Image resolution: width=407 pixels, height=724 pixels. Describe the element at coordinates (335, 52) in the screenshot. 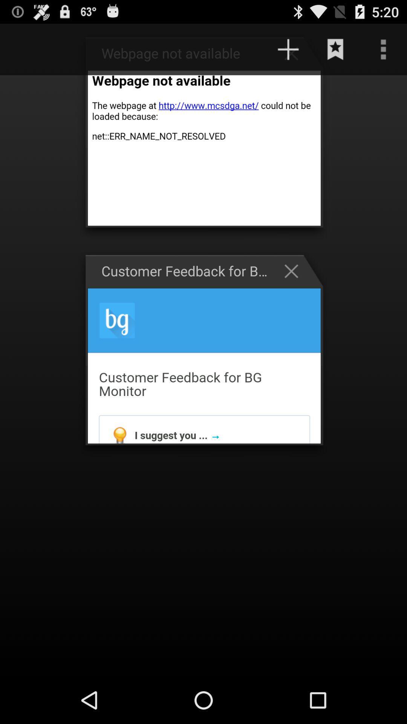

I see `the bookmark icon` at that location.